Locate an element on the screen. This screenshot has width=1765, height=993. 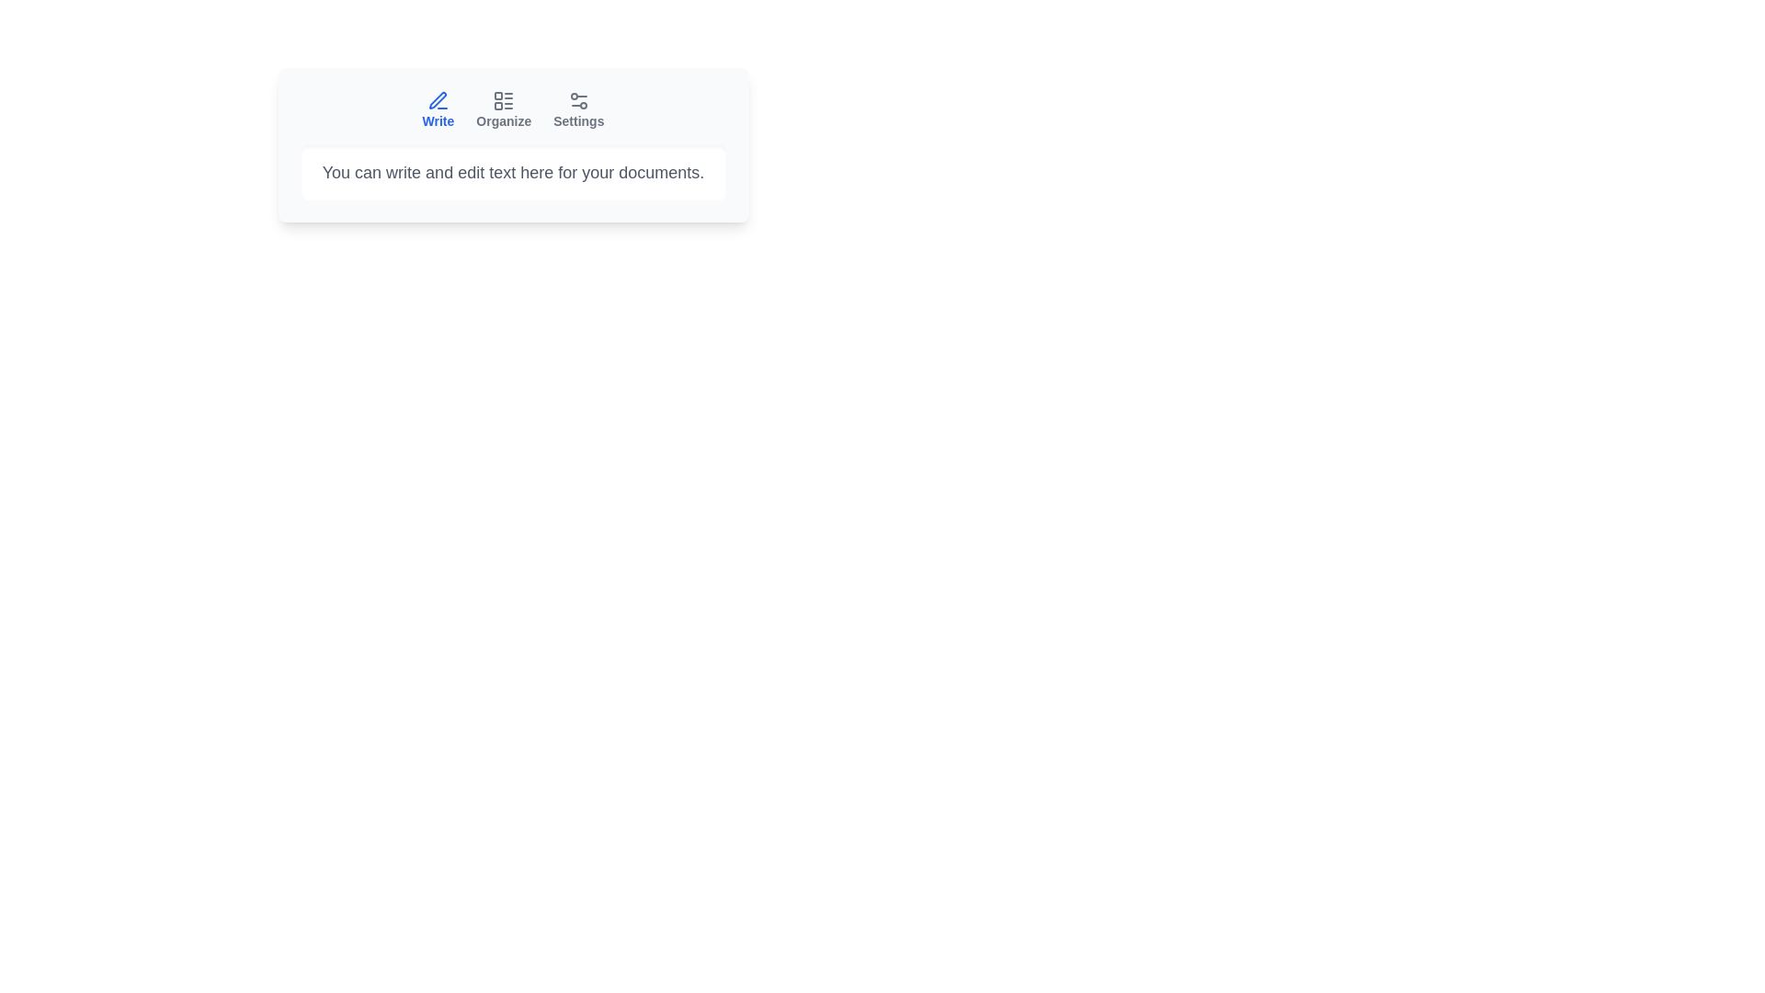
the Write tab by clicking on its button is located at coordinates (437, 109).